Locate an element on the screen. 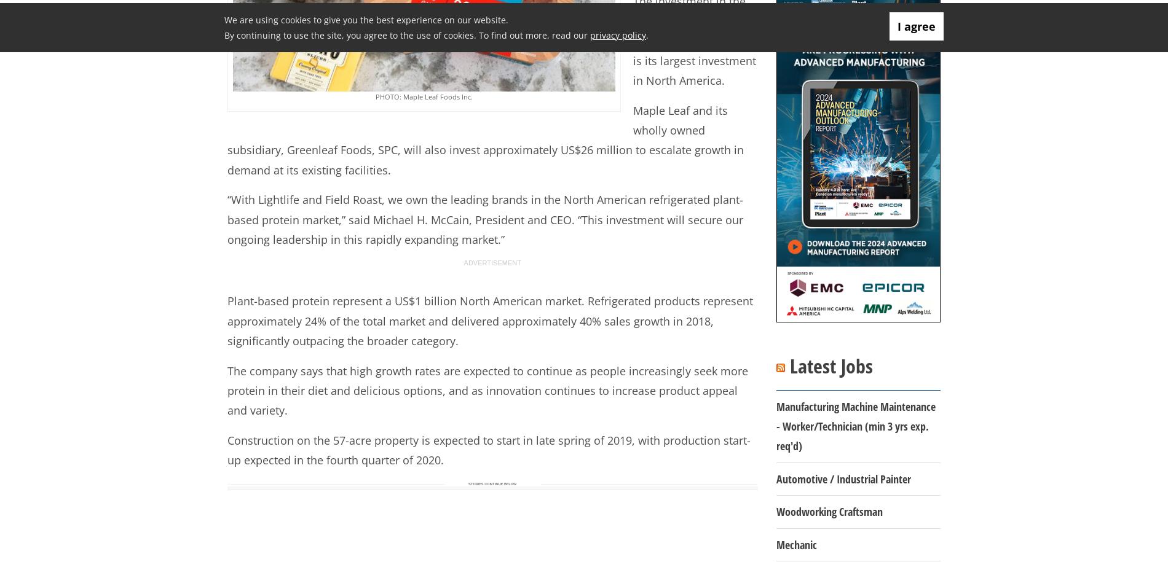  'Stories continue below' is located at coordinates (468, 483).